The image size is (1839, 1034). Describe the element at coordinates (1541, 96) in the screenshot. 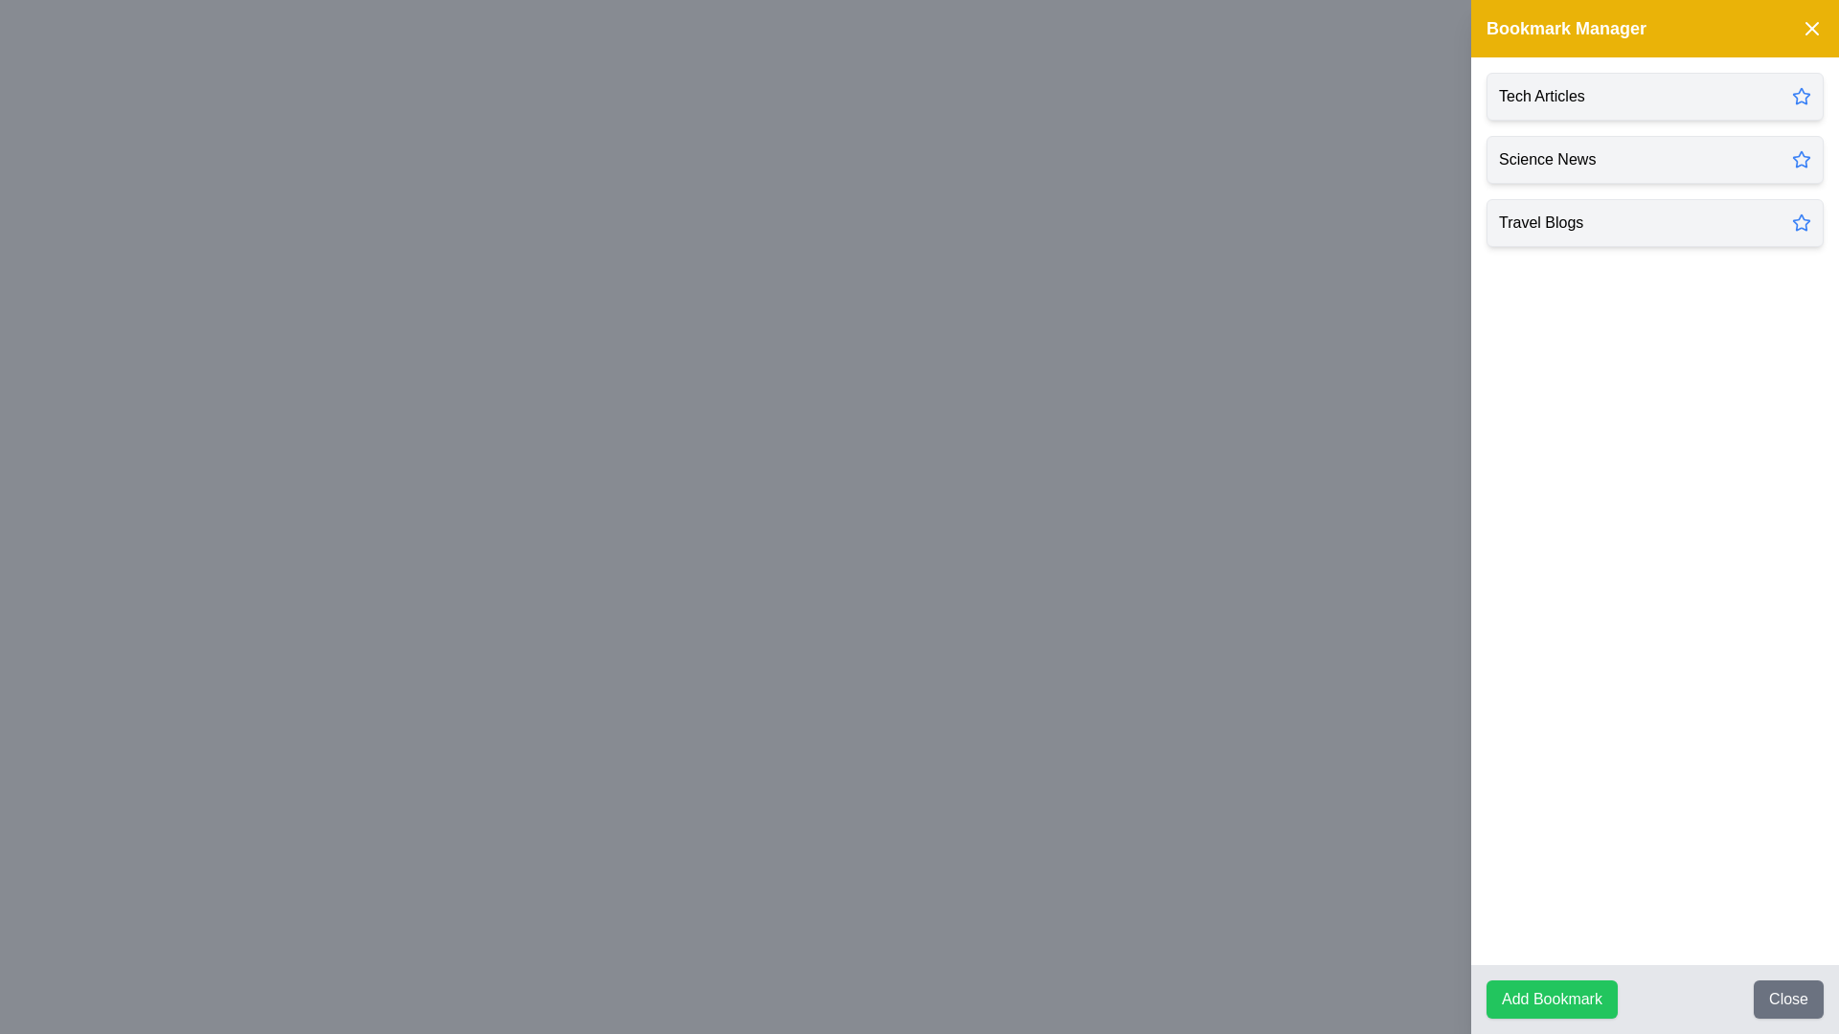

I see `the Static Text element labeled 'Tech Articles' which serves as a title for the bookmark card in the right panel` at that location.